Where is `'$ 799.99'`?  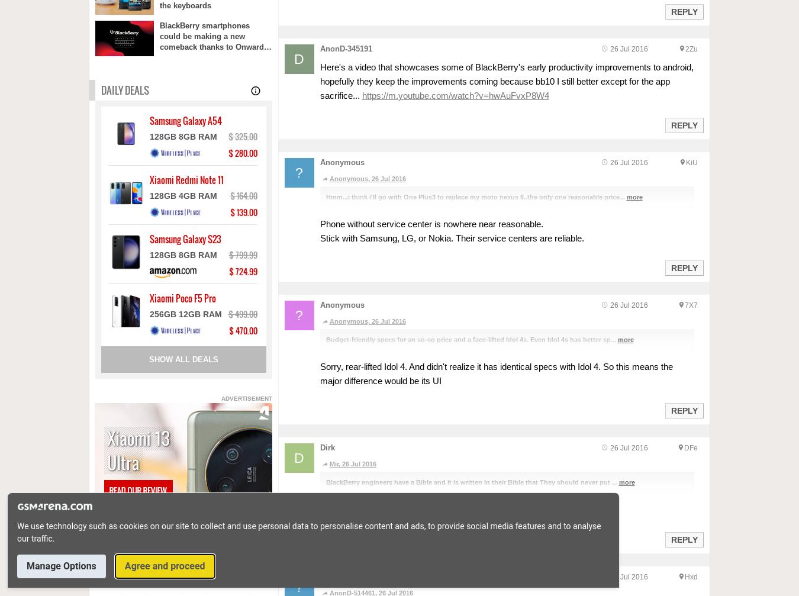
'$ 799.99' is located at coordinates (228, 254).